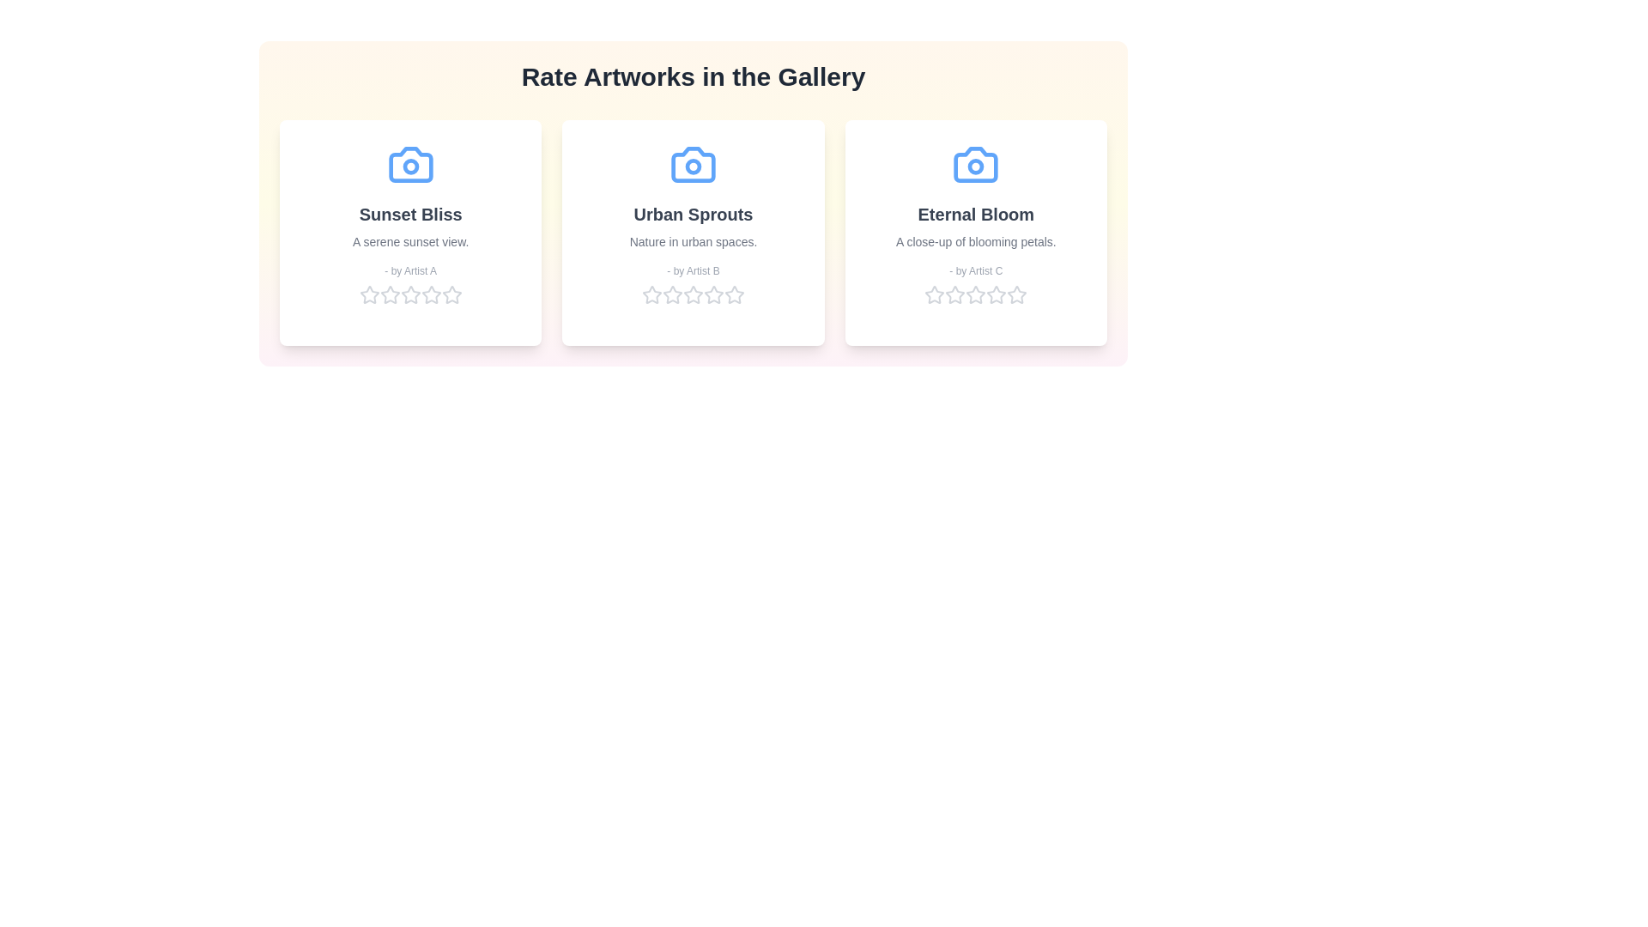 The width and height of the screenshot is (1648, 927). What do you see at coordinates (693, 294) in the screenshot?
I see `the star corresponding to 3 for the artwork 'Urban Sprouts' to set its rating` at bounding box center [693, 294].